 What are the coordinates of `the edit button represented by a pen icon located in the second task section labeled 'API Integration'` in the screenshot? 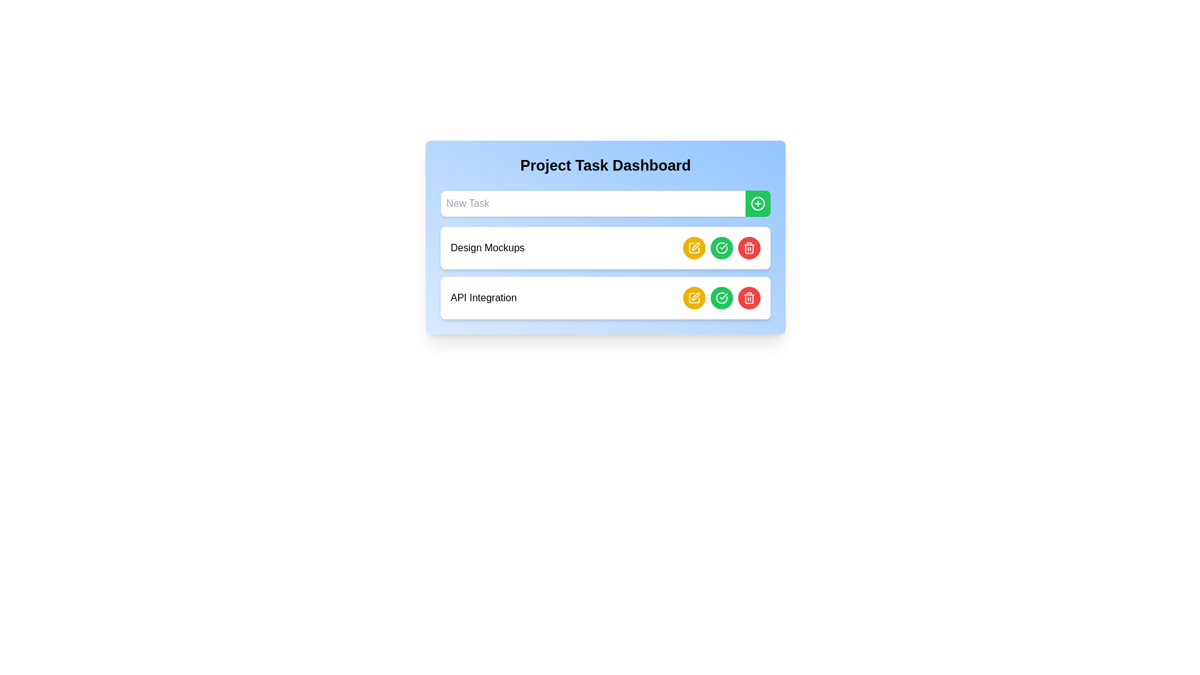 It's located at (695, 246).